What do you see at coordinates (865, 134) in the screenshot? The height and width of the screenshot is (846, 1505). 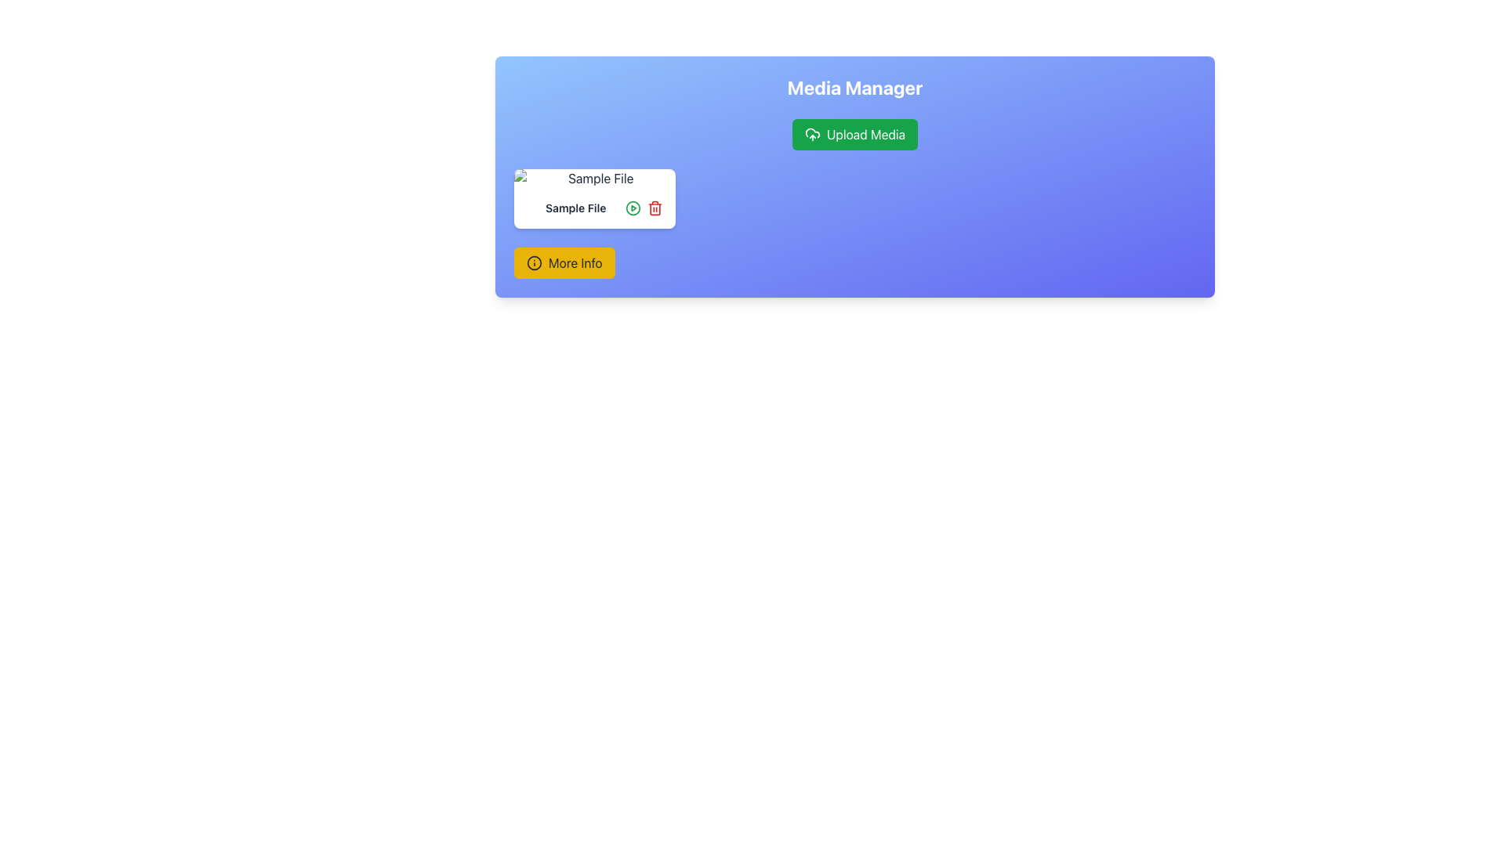 I see `the 'Upload Media' label, which is displayed in white font on a green background, located within a button at the top-right of the interface` at bounding box center [865, 134].